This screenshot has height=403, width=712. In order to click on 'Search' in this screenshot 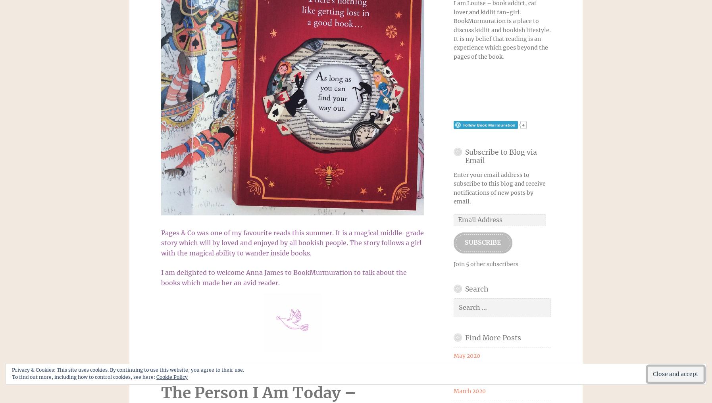, I will do `click(476, 289)`.